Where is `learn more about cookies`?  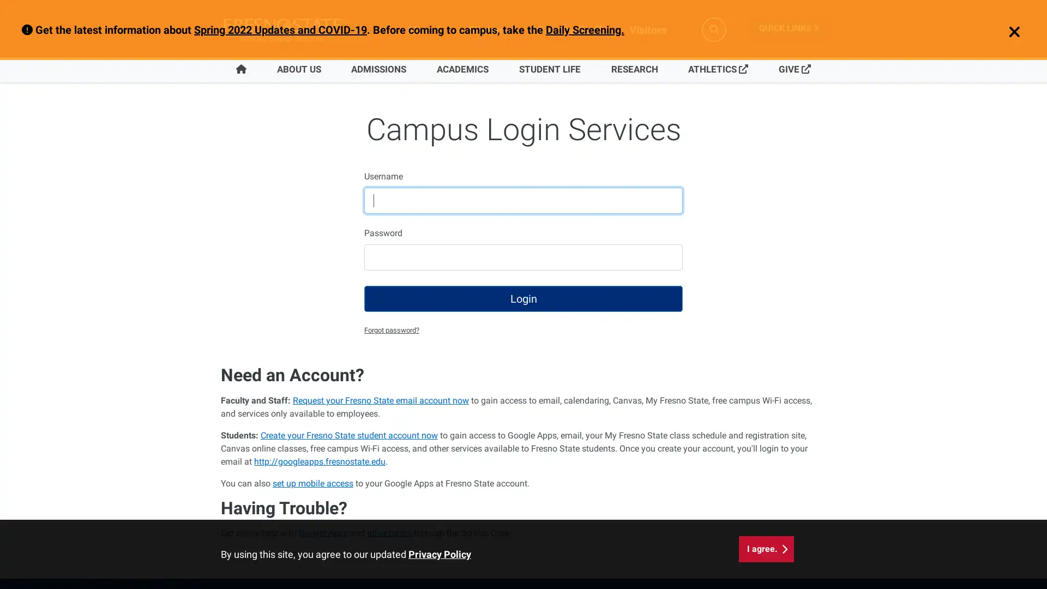
learn more about cookies is located at coordinates (440, 554).